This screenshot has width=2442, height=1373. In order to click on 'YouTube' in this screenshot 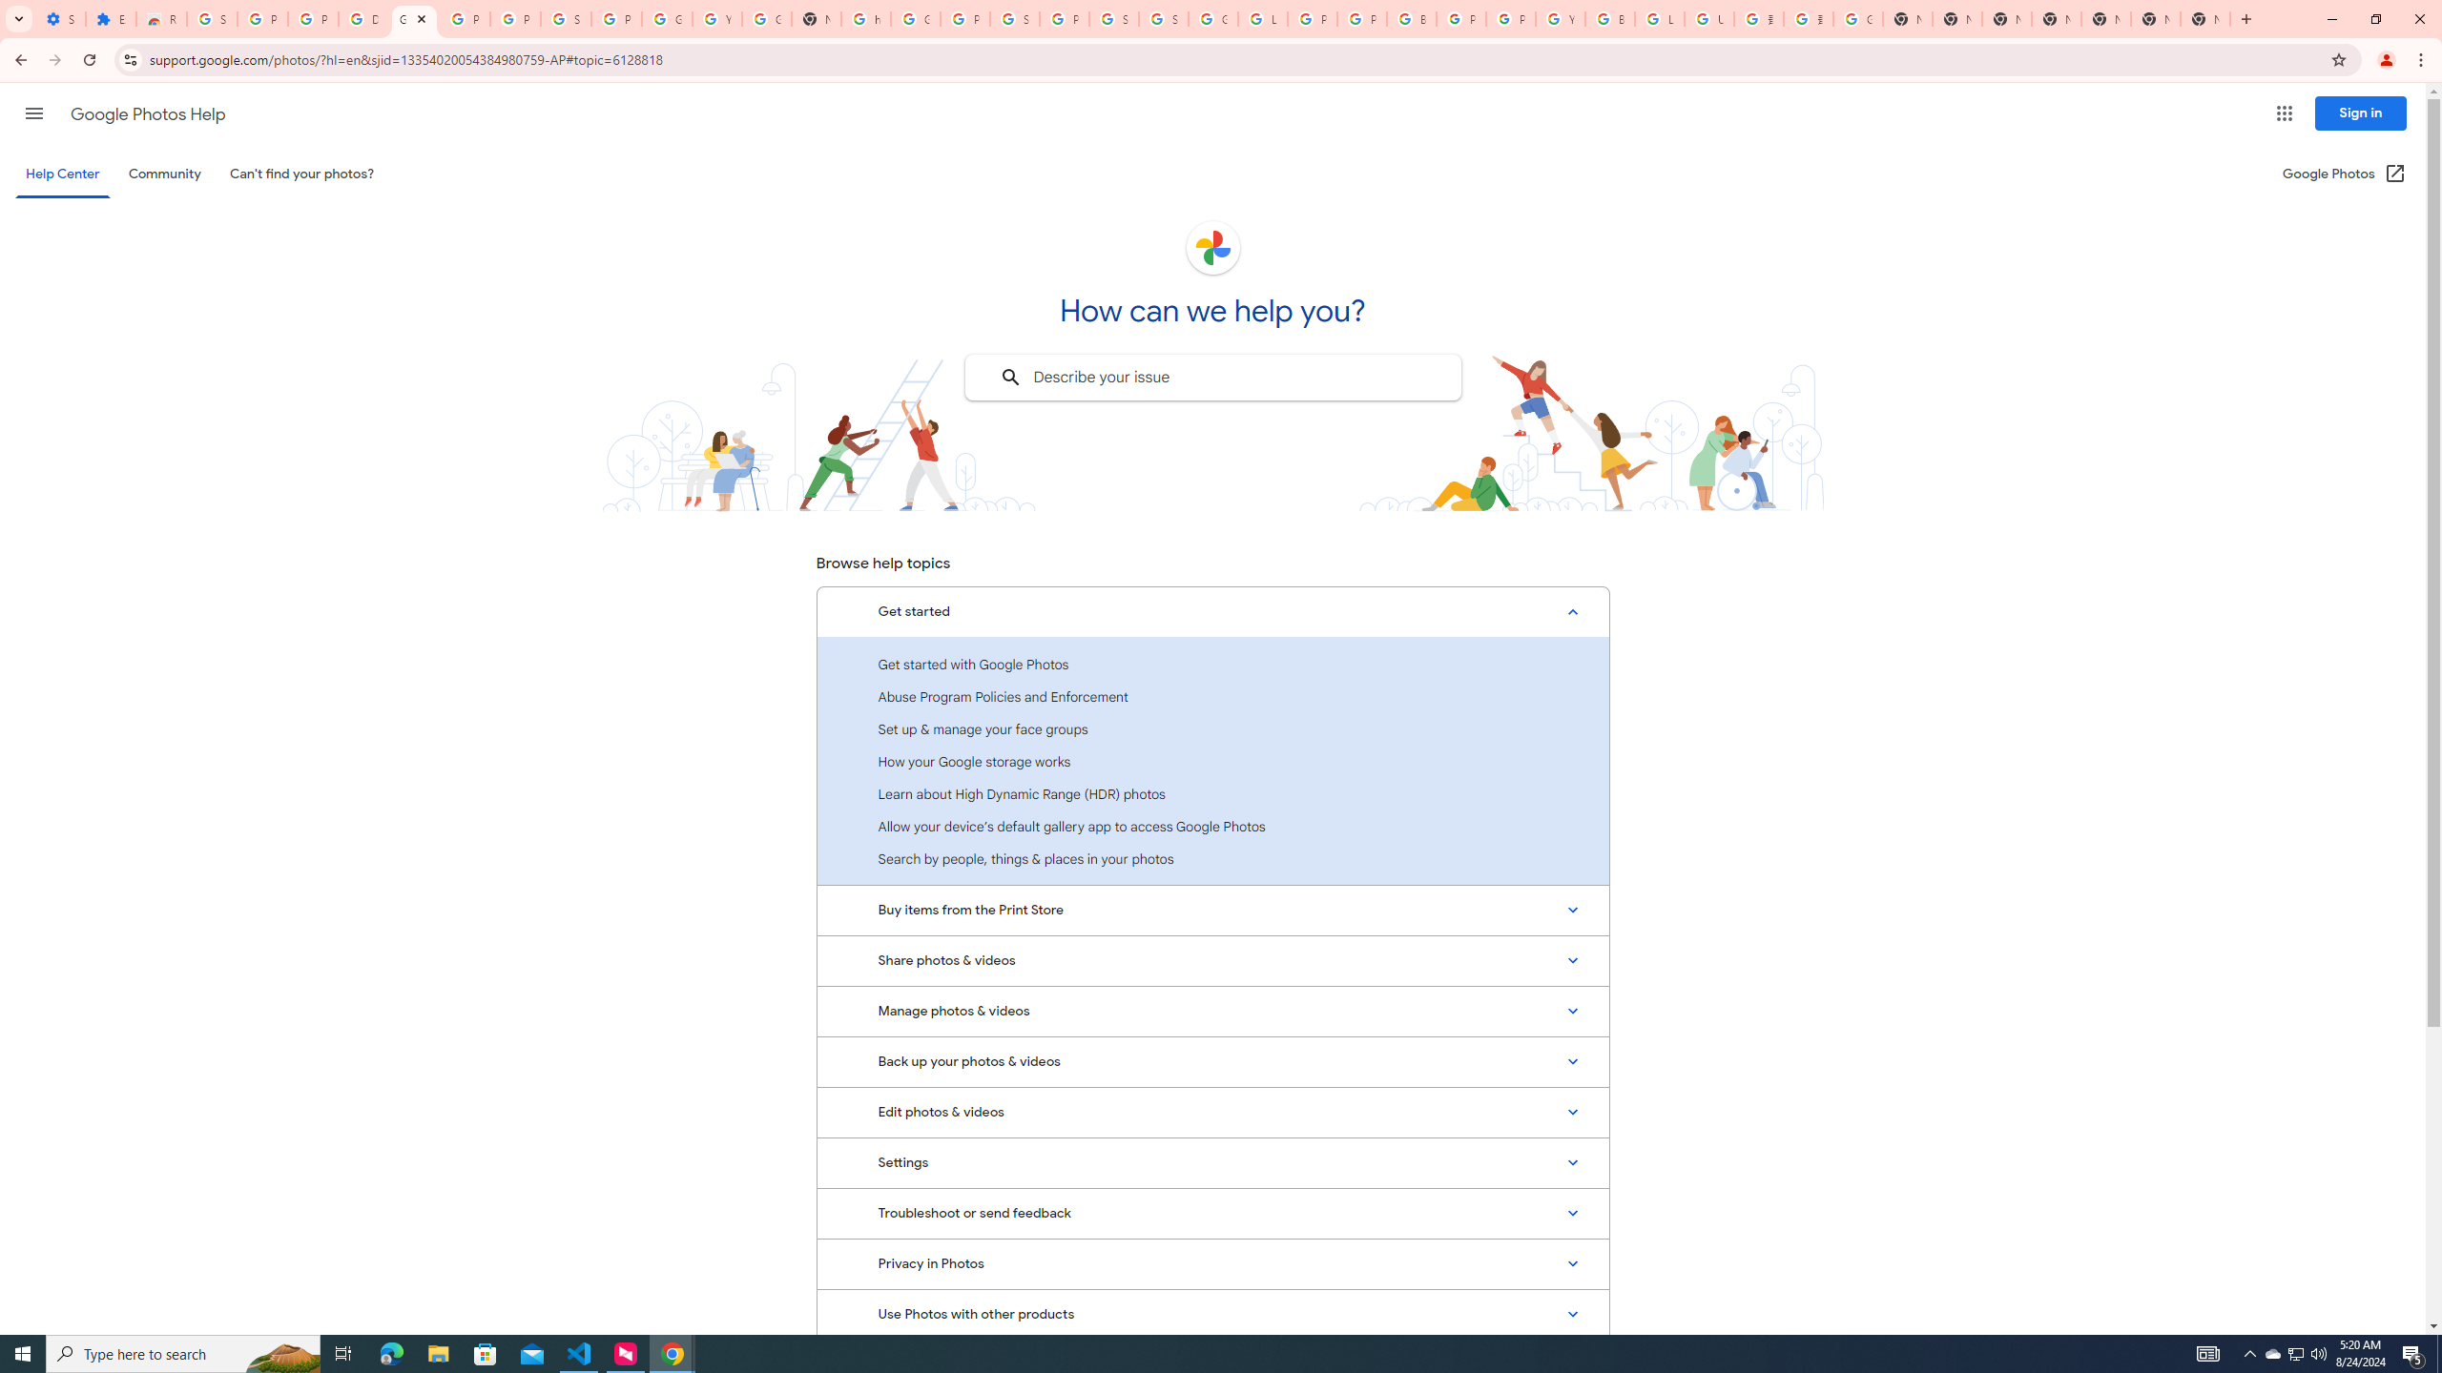, I will do `click(1559, 18)`.